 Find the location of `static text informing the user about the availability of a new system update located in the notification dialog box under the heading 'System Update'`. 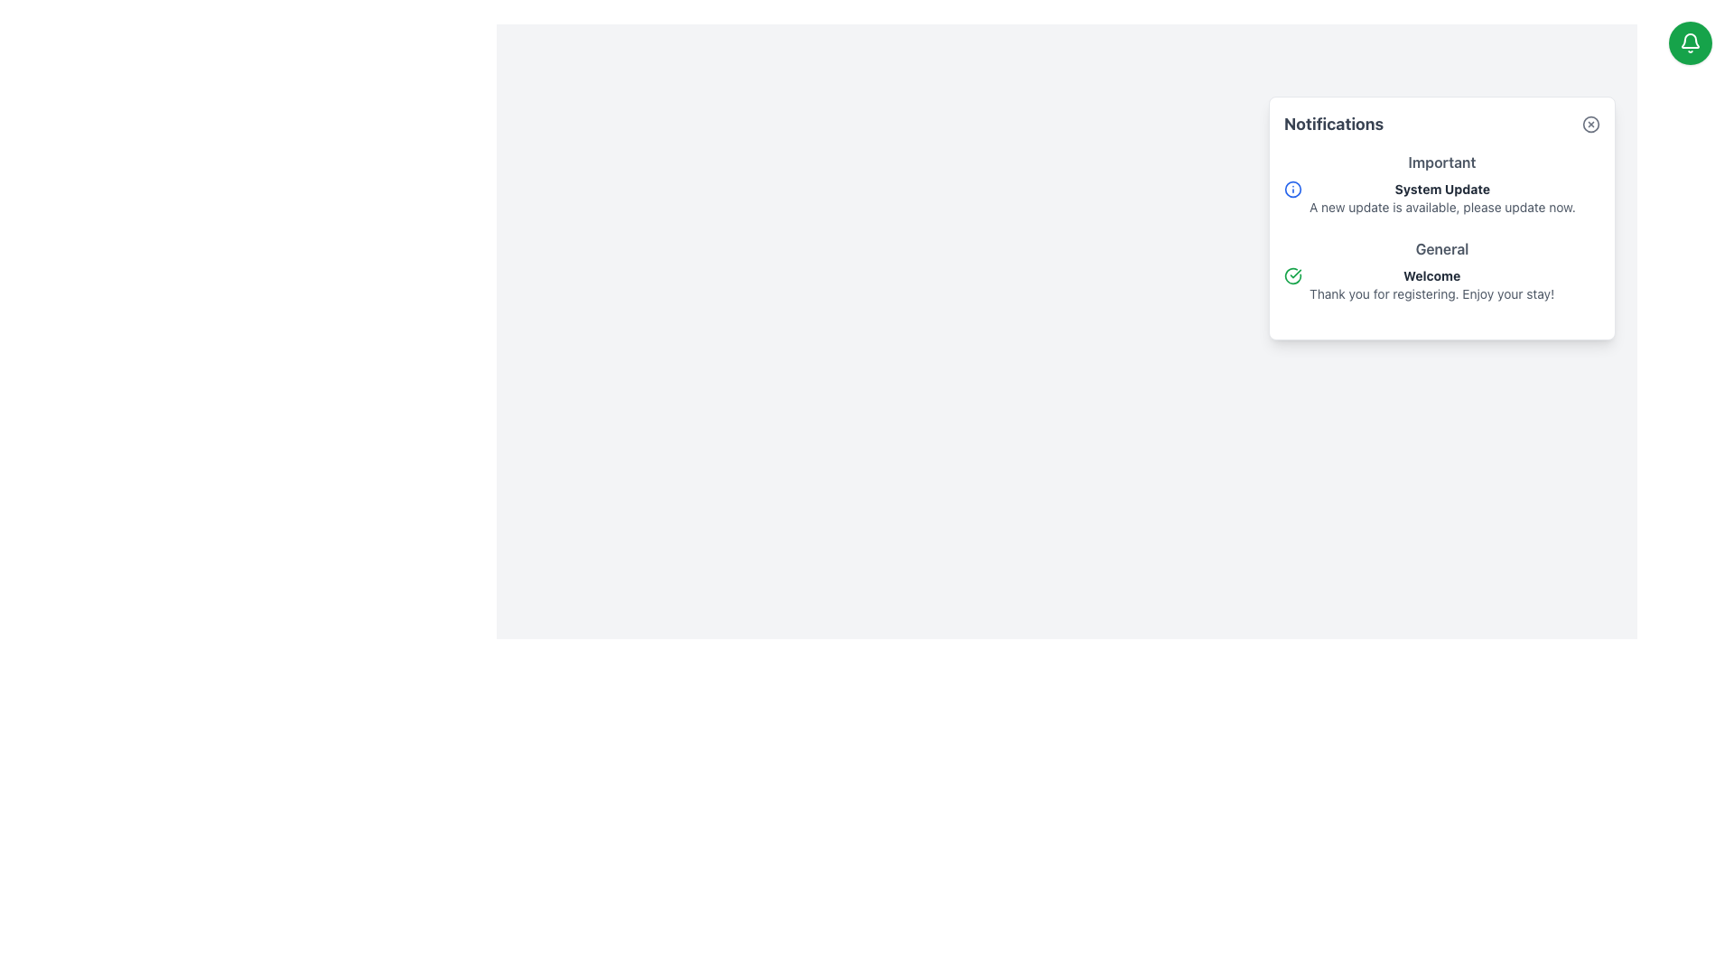

static text informing the user about the availability of a new system update located in the notification dialog box under the heading 'System Update' is located at coordinates (1441, 207).